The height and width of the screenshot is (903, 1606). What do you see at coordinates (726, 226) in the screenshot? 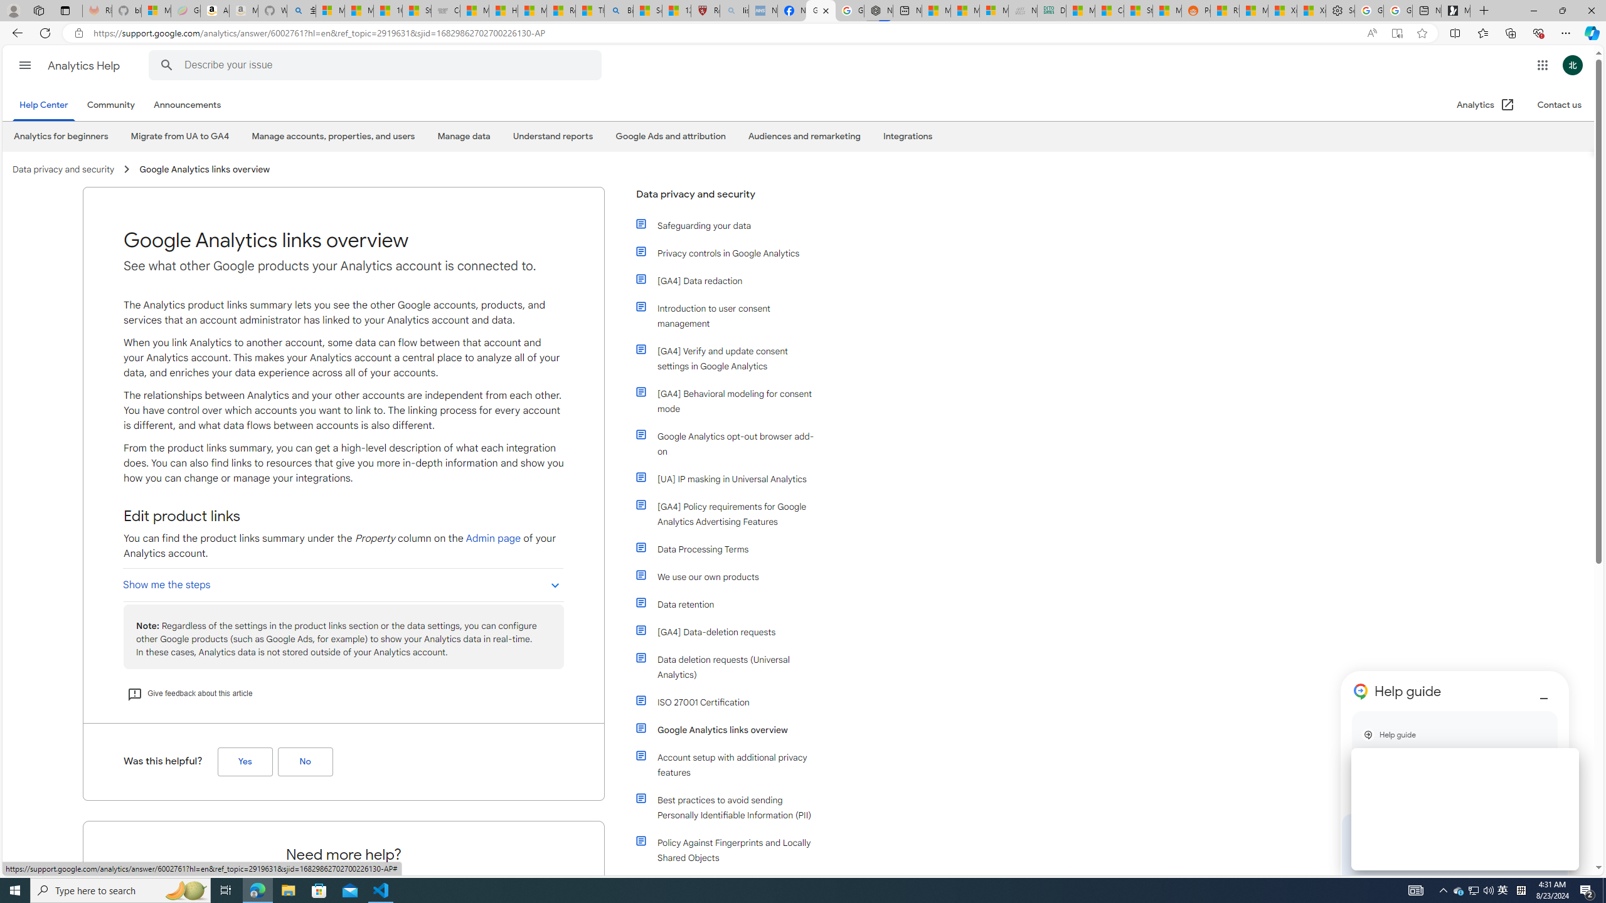
I see `'Safeguarding your data'` at bounding box center [726, 226].